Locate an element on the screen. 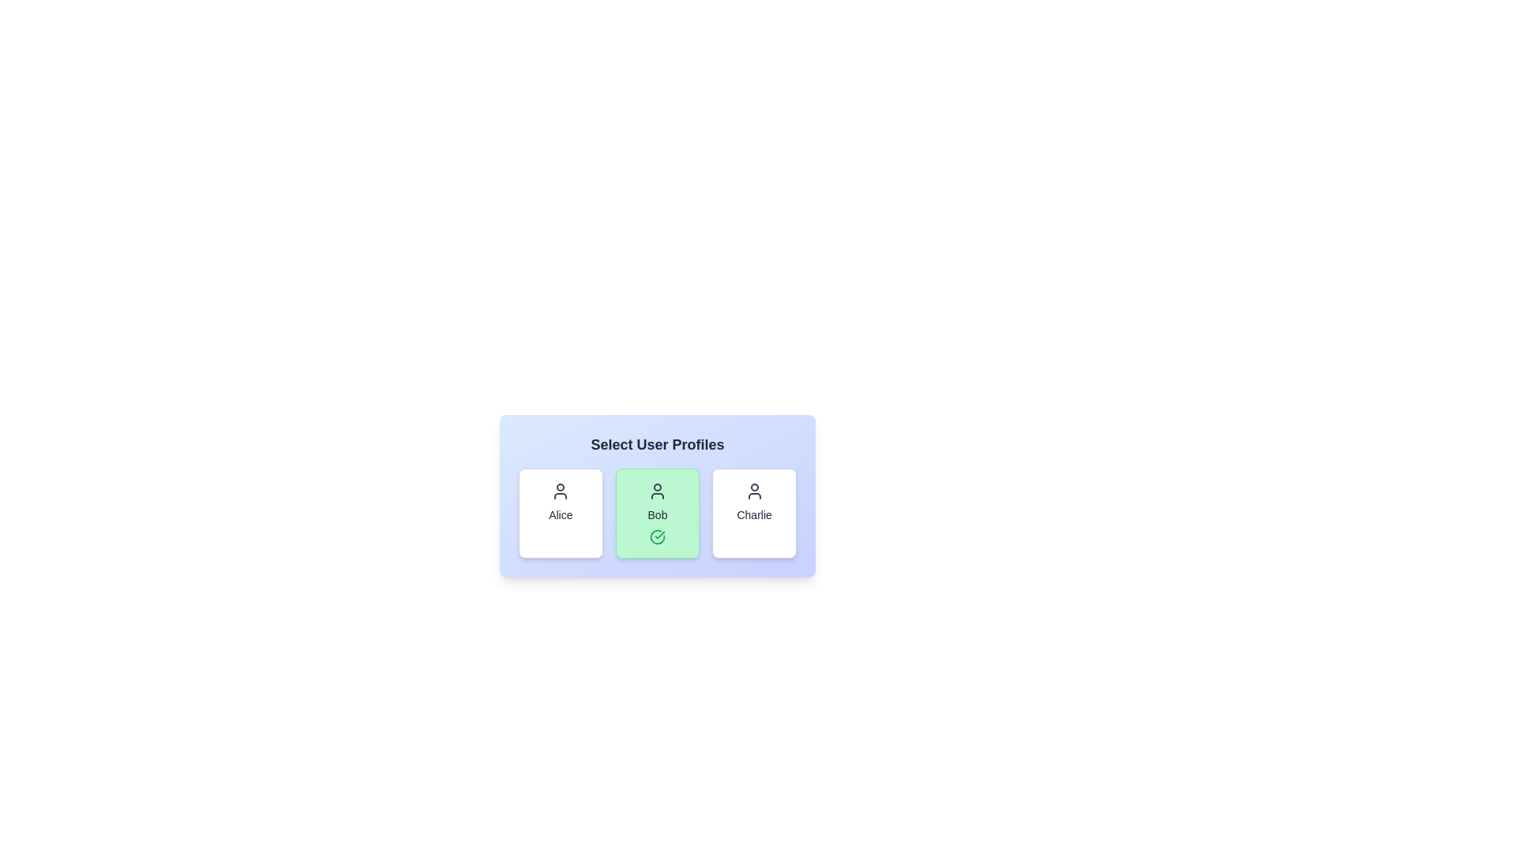  the user profile card for Alice is located at coordinates (561, 514).